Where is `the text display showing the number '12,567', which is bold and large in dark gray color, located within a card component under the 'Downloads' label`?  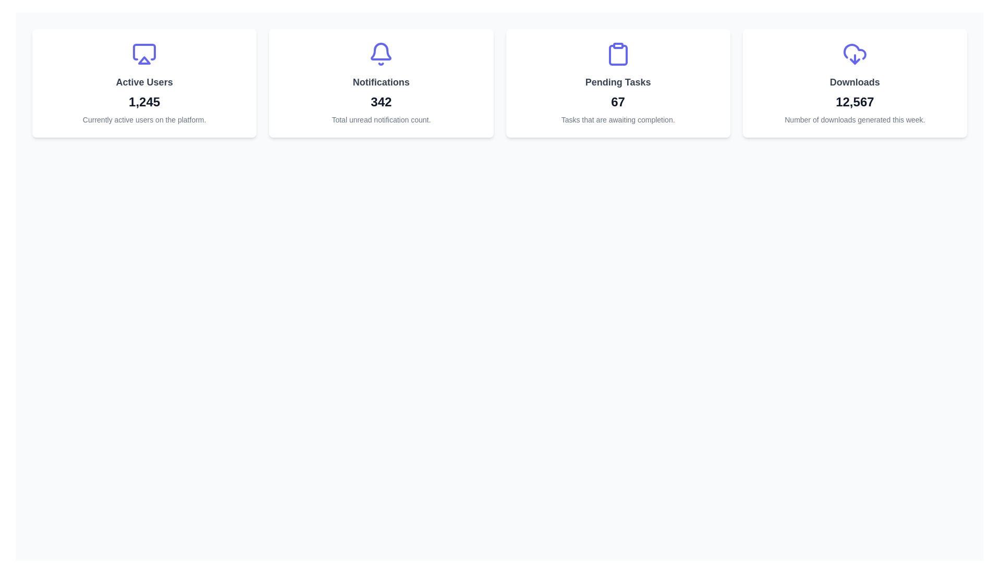
the text display showing the number '12,567', which is bold and large in dark gray color, located within a card component under the 'Downloads' label is located at coordinates (854, 102).